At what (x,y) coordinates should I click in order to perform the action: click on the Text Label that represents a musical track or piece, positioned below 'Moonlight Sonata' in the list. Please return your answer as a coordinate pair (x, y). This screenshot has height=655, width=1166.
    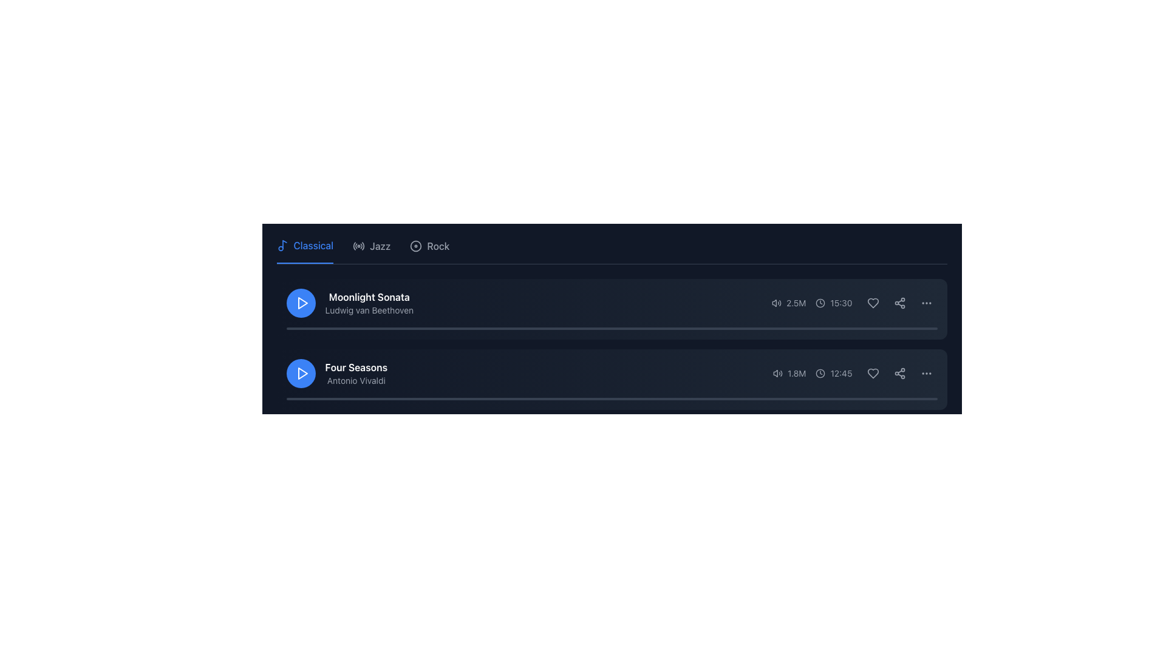
    Looking at the image, I should click on (355, 373).